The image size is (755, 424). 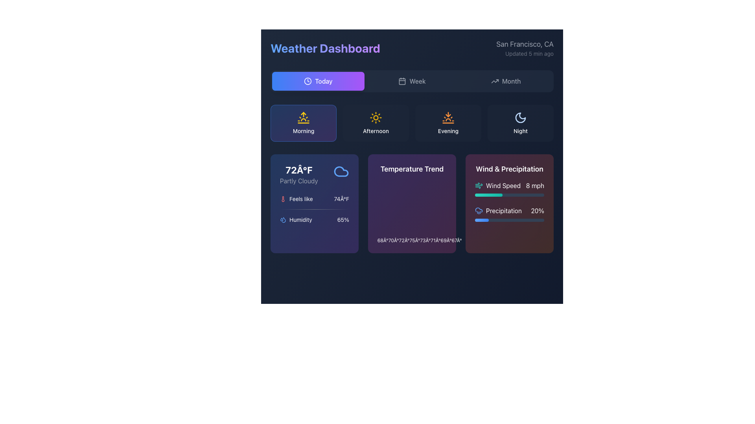 I want to click on the text label reading 'Precipitation' which is styled in white font against a dark background, located in the 'Wind & Precipitation' card near a blue progress bar, so click(x=504, y=210).